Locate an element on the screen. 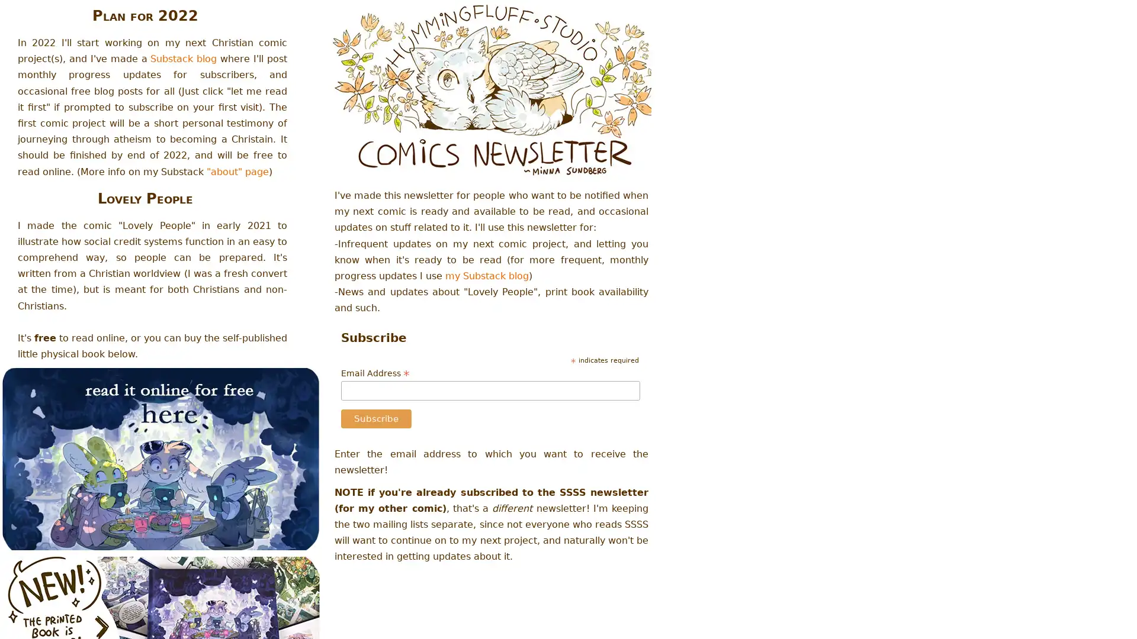  Subscribe is located at coordinates (375, 418).